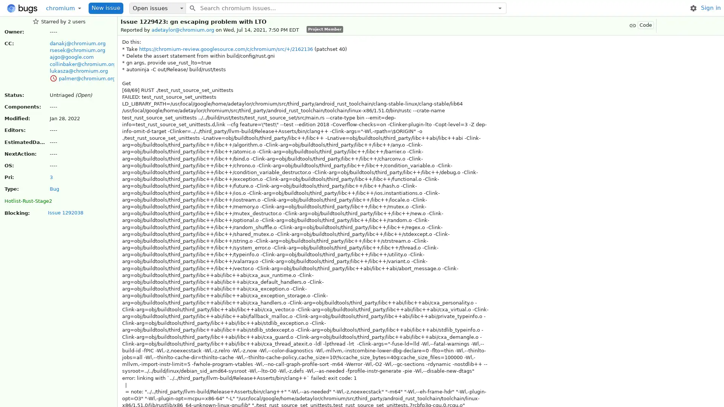 This screenshot has height=407, width=724. What do you see at coordinates (192, 8) in the screenshot?
I see `search` at bounding box center [192, 8].